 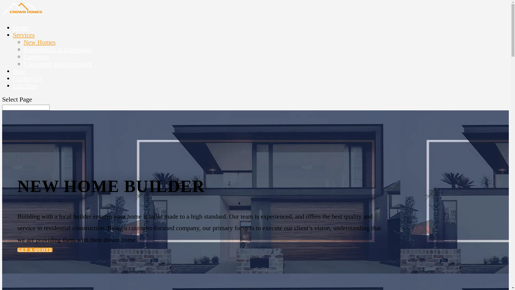 What do you see at coordinates (23, 42) in the screenshot?
I see `'New Homes'` at bounding box center [23, 42].